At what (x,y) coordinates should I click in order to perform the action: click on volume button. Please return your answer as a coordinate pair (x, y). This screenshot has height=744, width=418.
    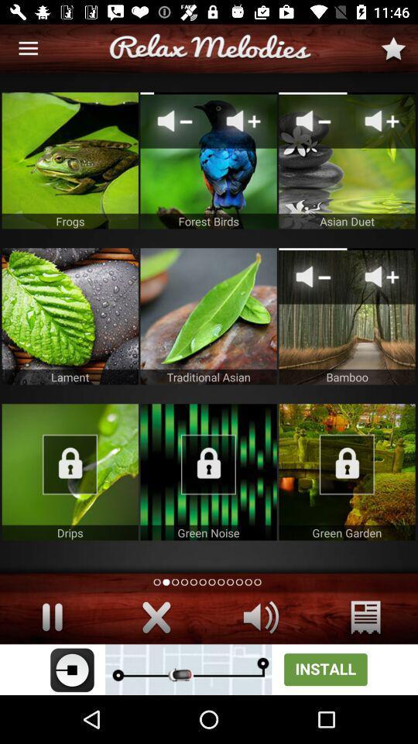
    Looking at the image, I should click on (261, 617).